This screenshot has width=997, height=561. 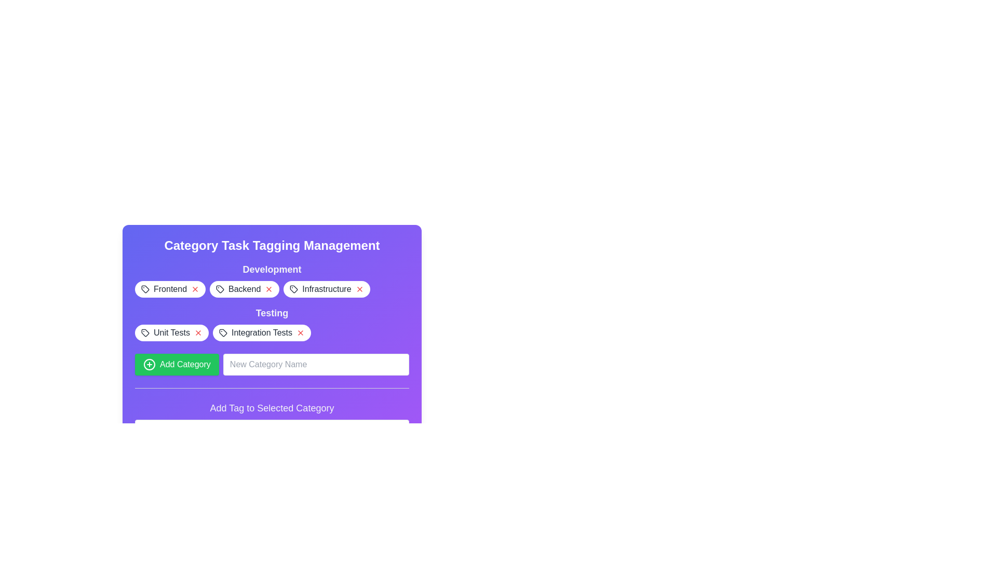 What do you see at coordinates (293, 289) in the screenshot?
I see `the decorative icon representing the 'Infrastructure' tag in the 'Development' section, located beside the text 'Infrastructure'` at bounding box center [293, 289].